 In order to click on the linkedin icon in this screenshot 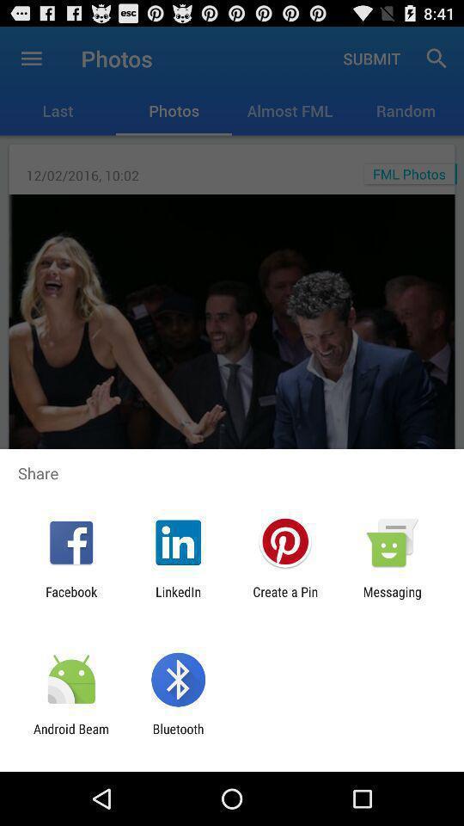, I will do `click(177, 599)`.